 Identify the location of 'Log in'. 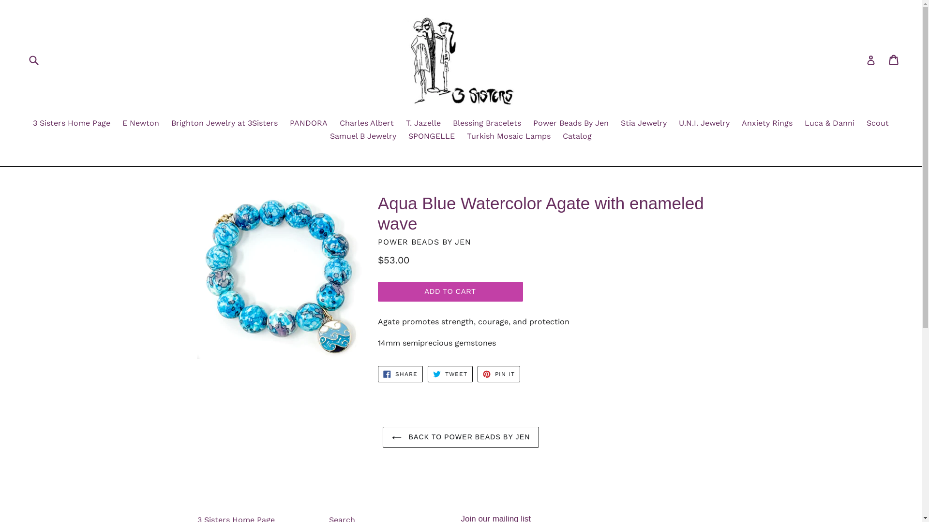
(866, 59).